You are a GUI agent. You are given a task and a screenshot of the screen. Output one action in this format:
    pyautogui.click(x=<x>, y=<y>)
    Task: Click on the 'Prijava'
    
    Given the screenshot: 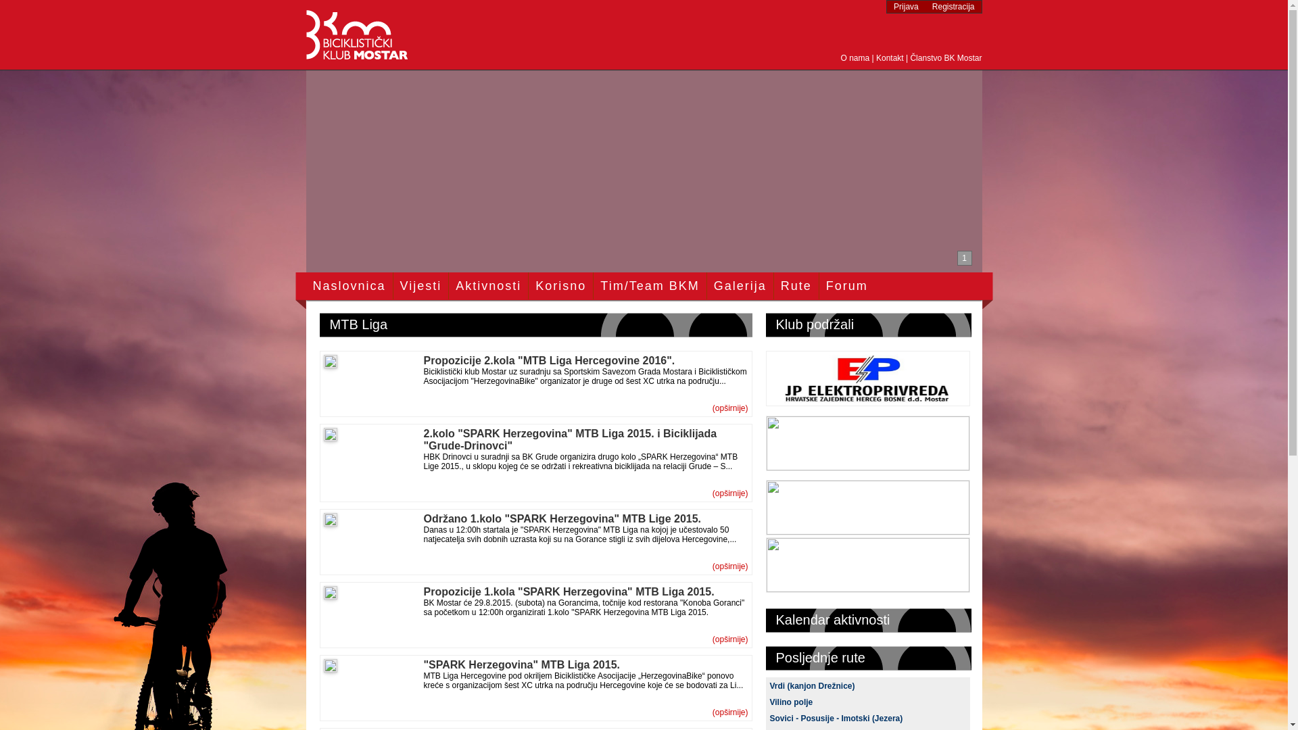 What is the action you would take?
    pyautogui.click(x=906, y=7)
    